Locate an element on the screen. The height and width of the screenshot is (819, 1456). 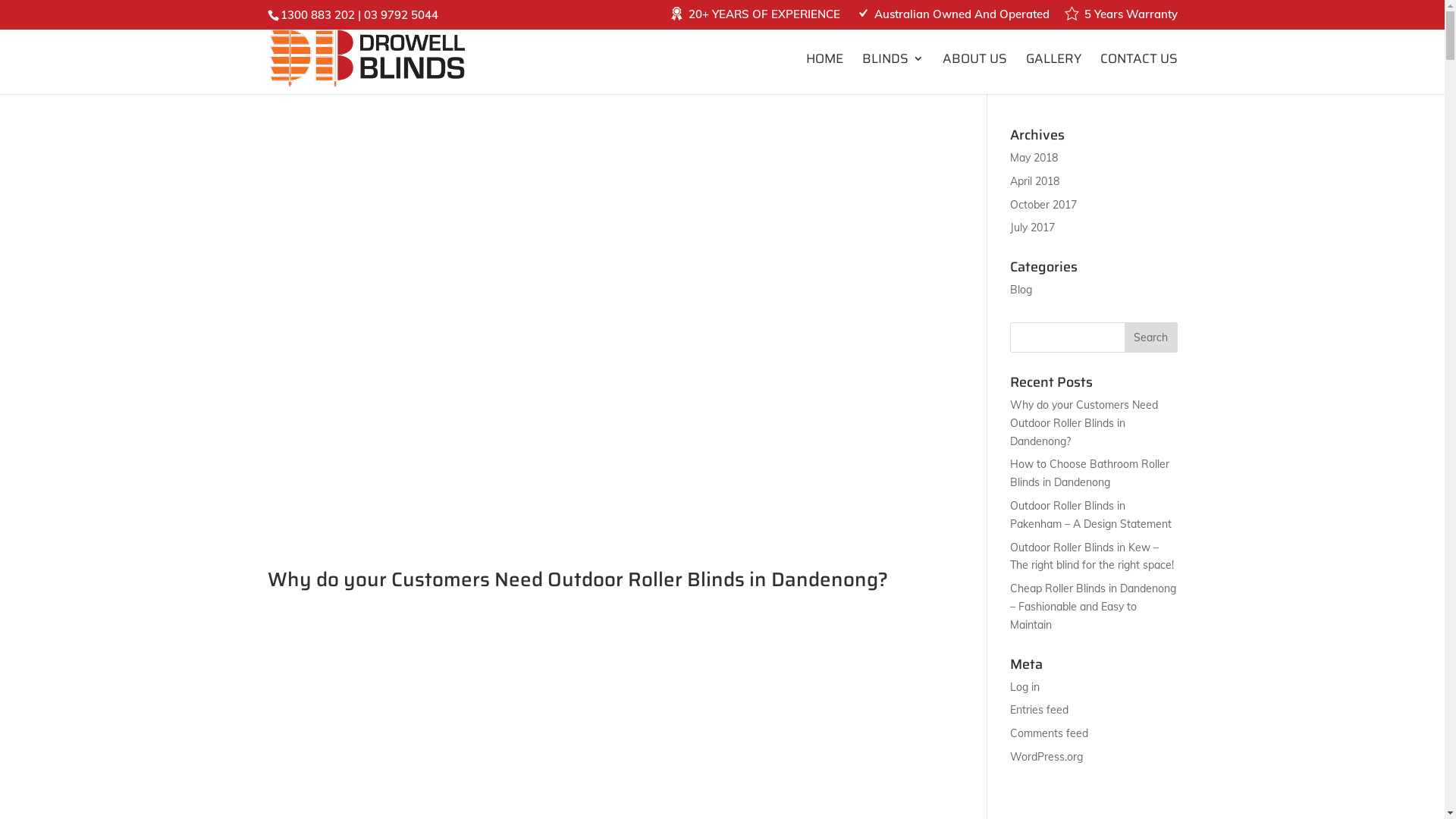
'Entries feed' is located at coordinates (1009, 710).